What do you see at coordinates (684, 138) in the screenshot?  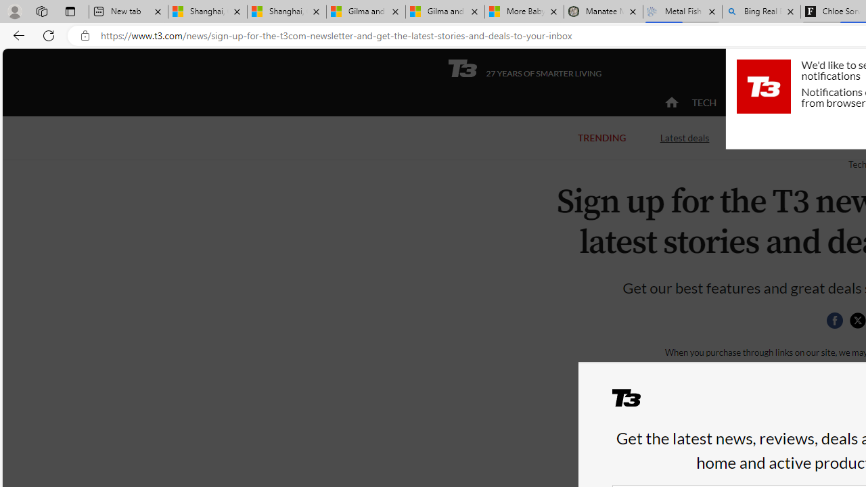 I see `'Latest deals'` at bounding box center [684, 138].